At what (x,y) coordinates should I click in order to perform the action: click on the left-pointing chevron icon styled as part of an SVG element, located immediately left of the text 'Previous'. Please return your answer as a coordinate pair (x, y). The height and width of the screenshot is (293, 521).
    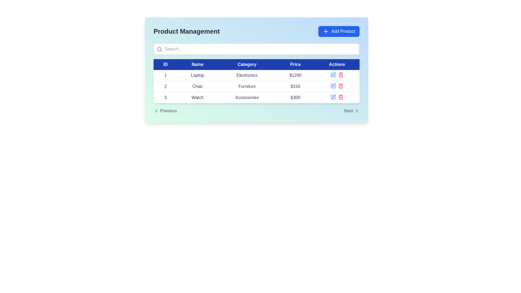
    Looking at the image, I should click on (156, 110).